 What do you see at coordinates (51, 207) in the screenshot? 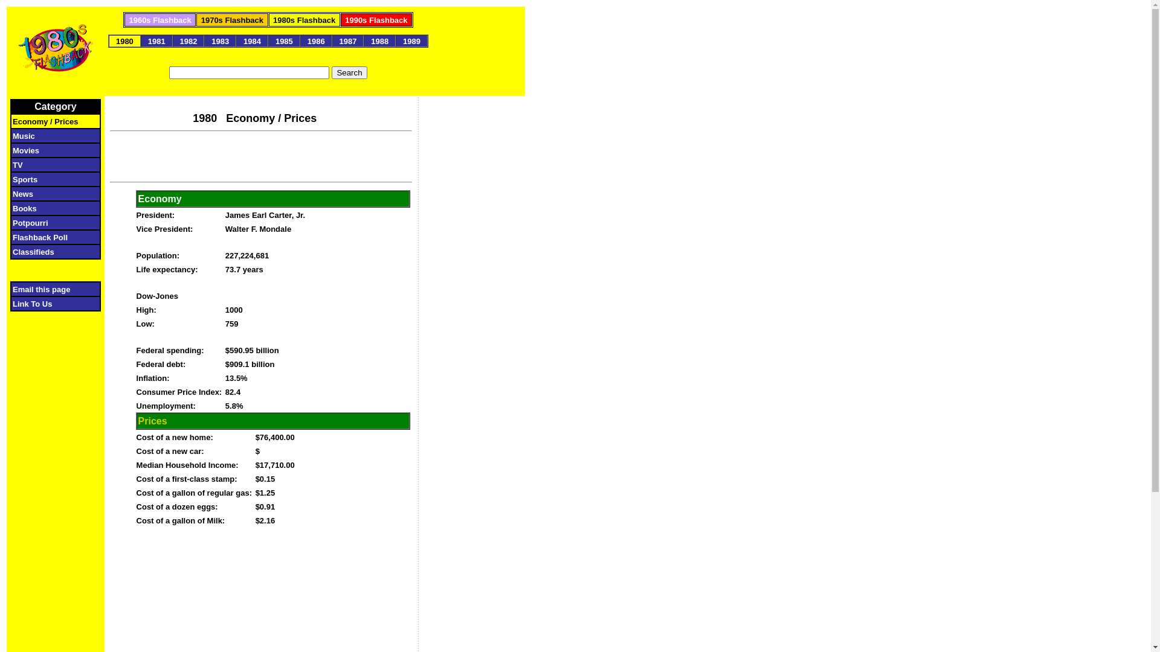
I see `'Books                         '` at bounding box center [51, 207].